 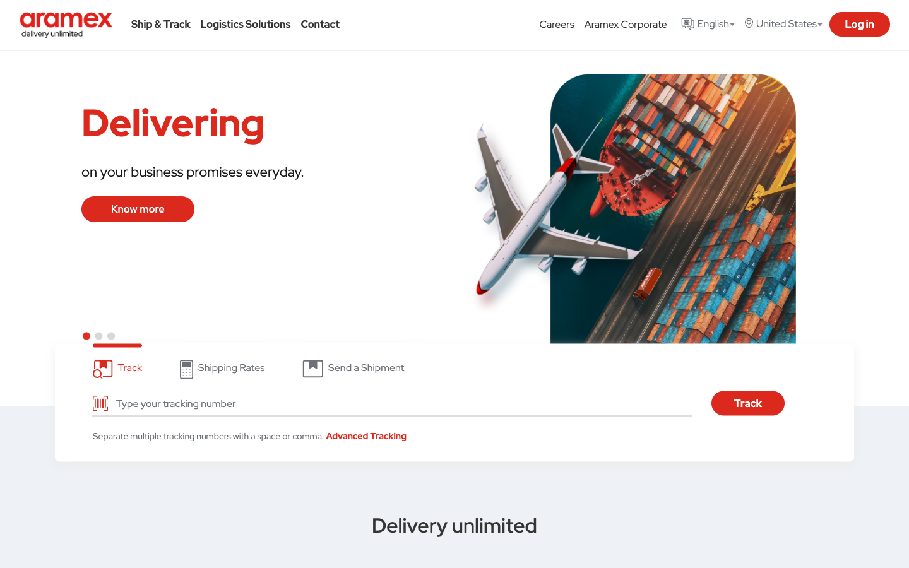 What do you see at coordinates (400, 403) in the screenshot?
I see `a package by entering the shipment tracking number 123456` at bounding box center [400, 403].